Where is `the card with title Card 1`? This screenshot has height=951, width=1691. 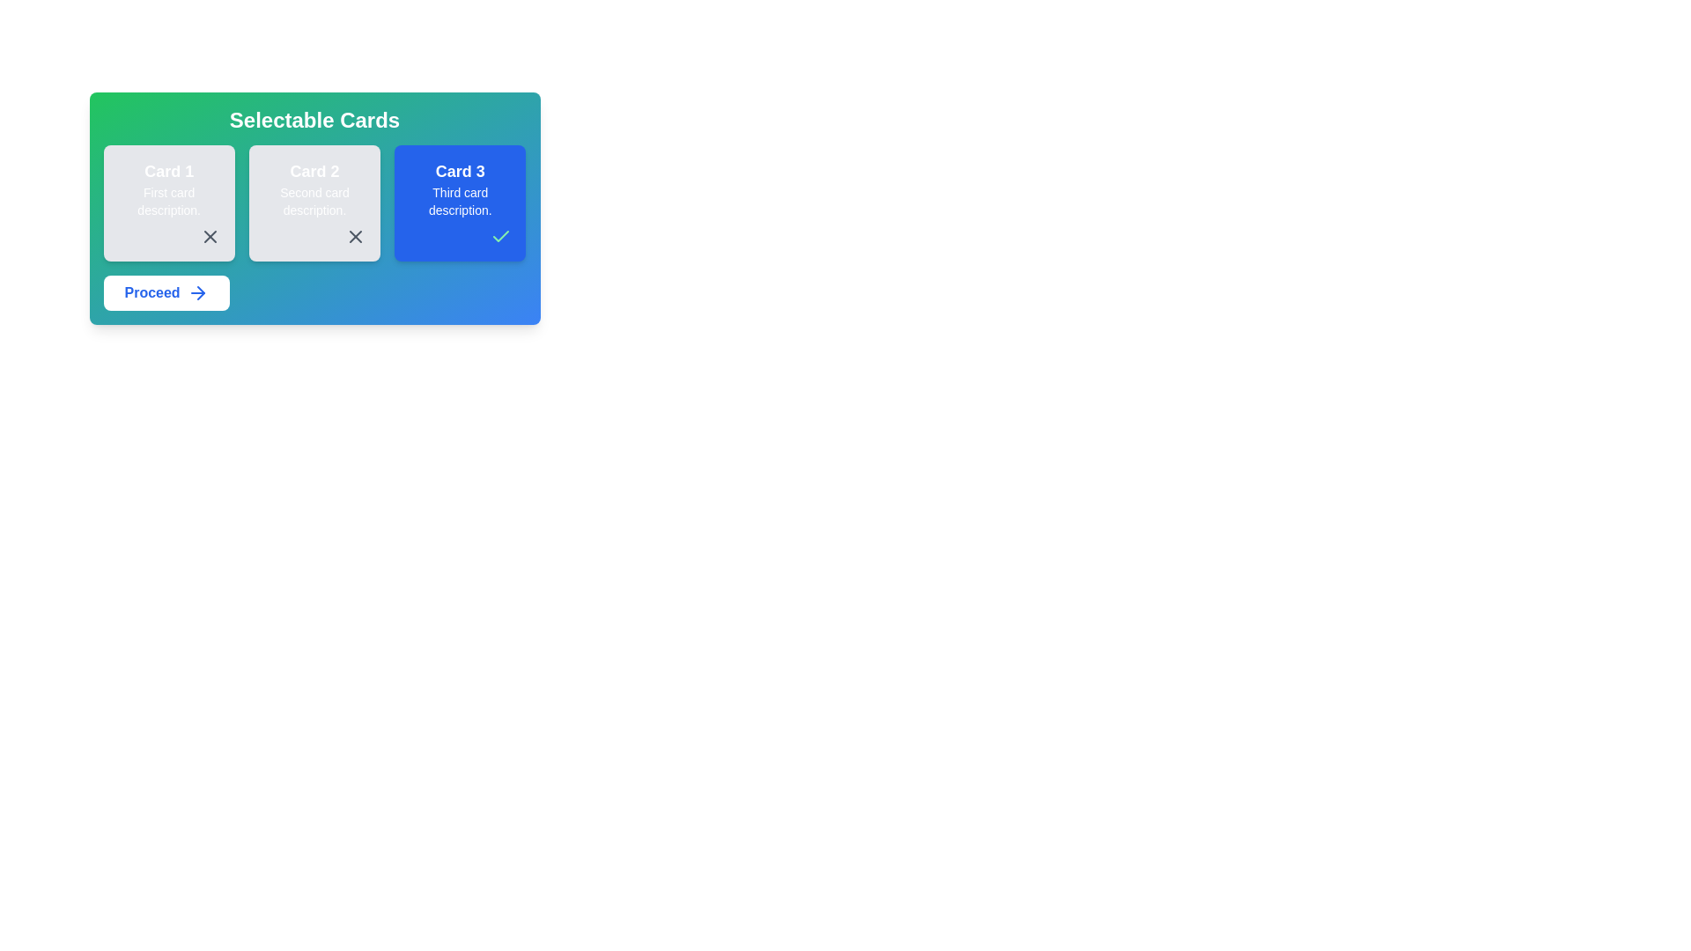
the card with title Card 1 is located at coordinates (169, 203).